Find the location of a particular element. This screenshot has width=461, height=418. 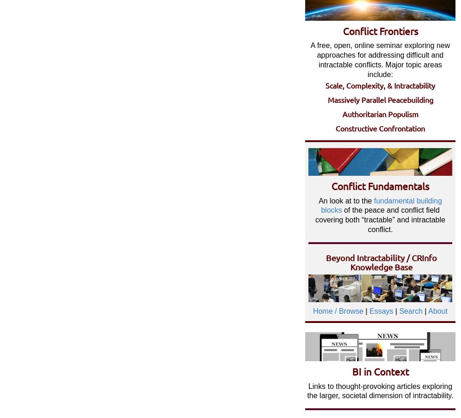

'Home / Browse' is located at coordinates (337, 310).